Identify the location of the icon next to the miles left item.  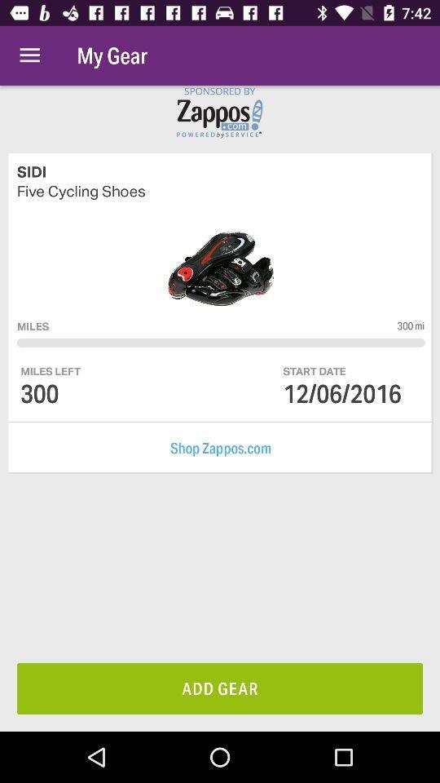
(341, 392).